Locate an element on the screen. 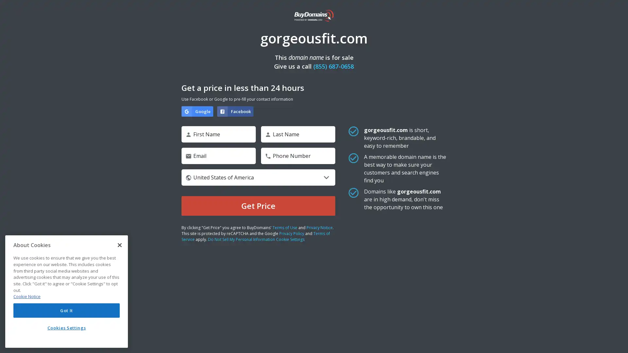 This screenshot has width=628, height=353. Google is located at coordinates (197, 111).